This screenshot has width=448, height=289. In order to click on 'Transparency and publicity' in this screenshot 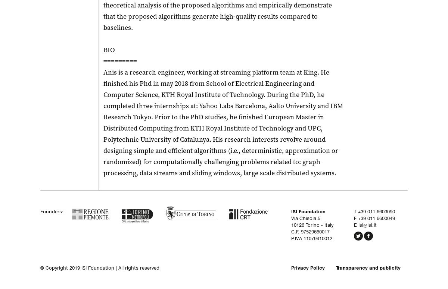, I will do `click(368, 268)`.